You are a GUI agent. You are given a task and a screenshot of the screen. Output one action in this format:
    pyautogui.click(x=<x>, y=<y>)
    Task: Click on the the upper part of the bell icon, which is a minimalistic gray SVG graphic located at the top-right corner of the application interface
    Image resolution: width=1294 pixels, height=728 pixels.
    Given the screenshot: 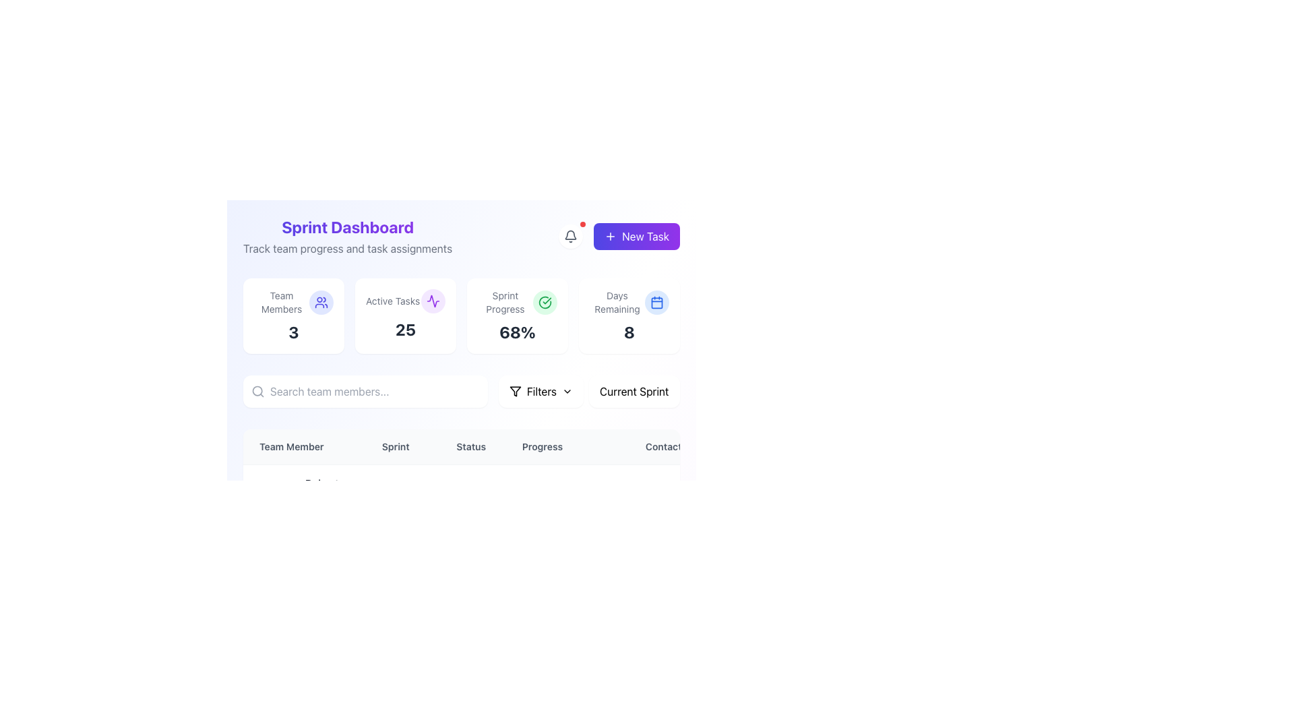 What is the action you would take?
    pyautogui.click(x=571, y=234)
    